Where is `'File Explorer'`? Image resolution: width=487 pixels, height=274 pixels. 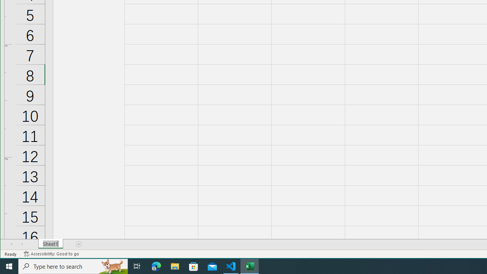 'File Explorer' is located at coordinates (175, 266).